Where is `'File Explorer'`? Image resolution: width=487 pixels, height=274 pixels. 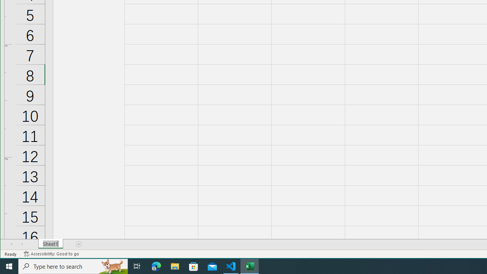 'File Explorer' is located at coordinates (175, 266).